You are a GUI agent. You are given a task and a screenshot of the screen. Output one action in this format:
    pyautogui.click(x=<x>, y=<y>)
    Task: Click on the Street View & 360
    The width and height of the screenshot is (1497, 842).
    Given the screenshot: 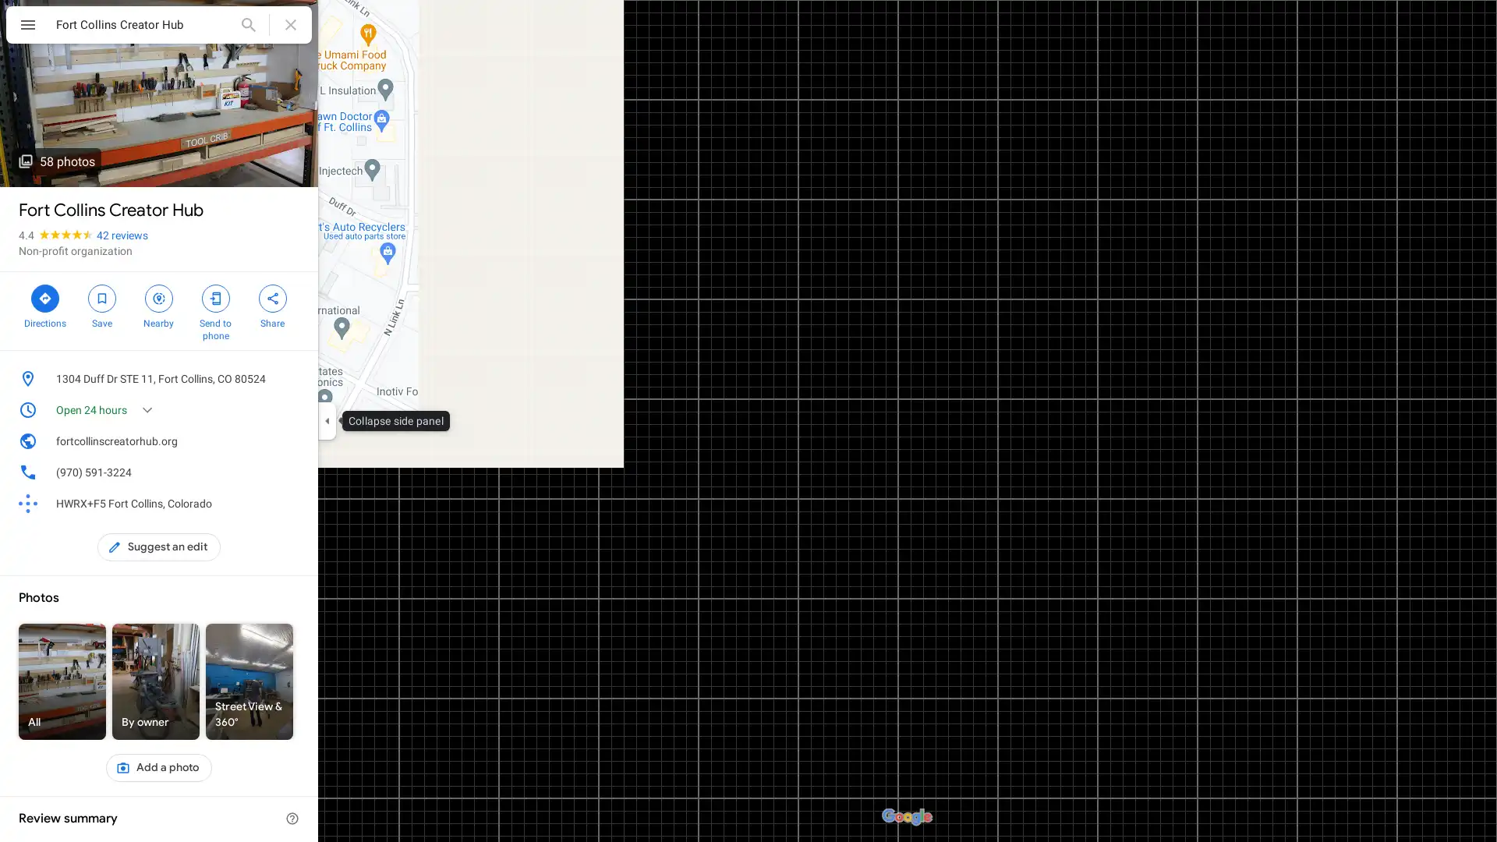 What is the action you would take?
    pyautogui.click(x=249, y=681)
    